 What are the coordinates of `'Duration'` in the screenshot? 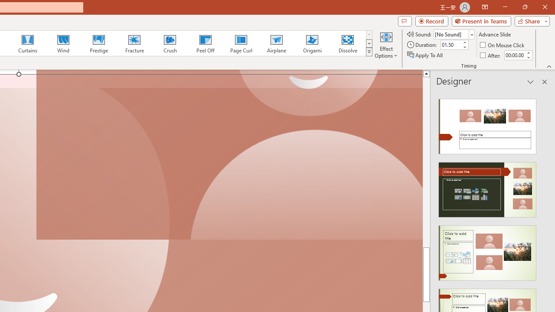 It's located at (451, 45).